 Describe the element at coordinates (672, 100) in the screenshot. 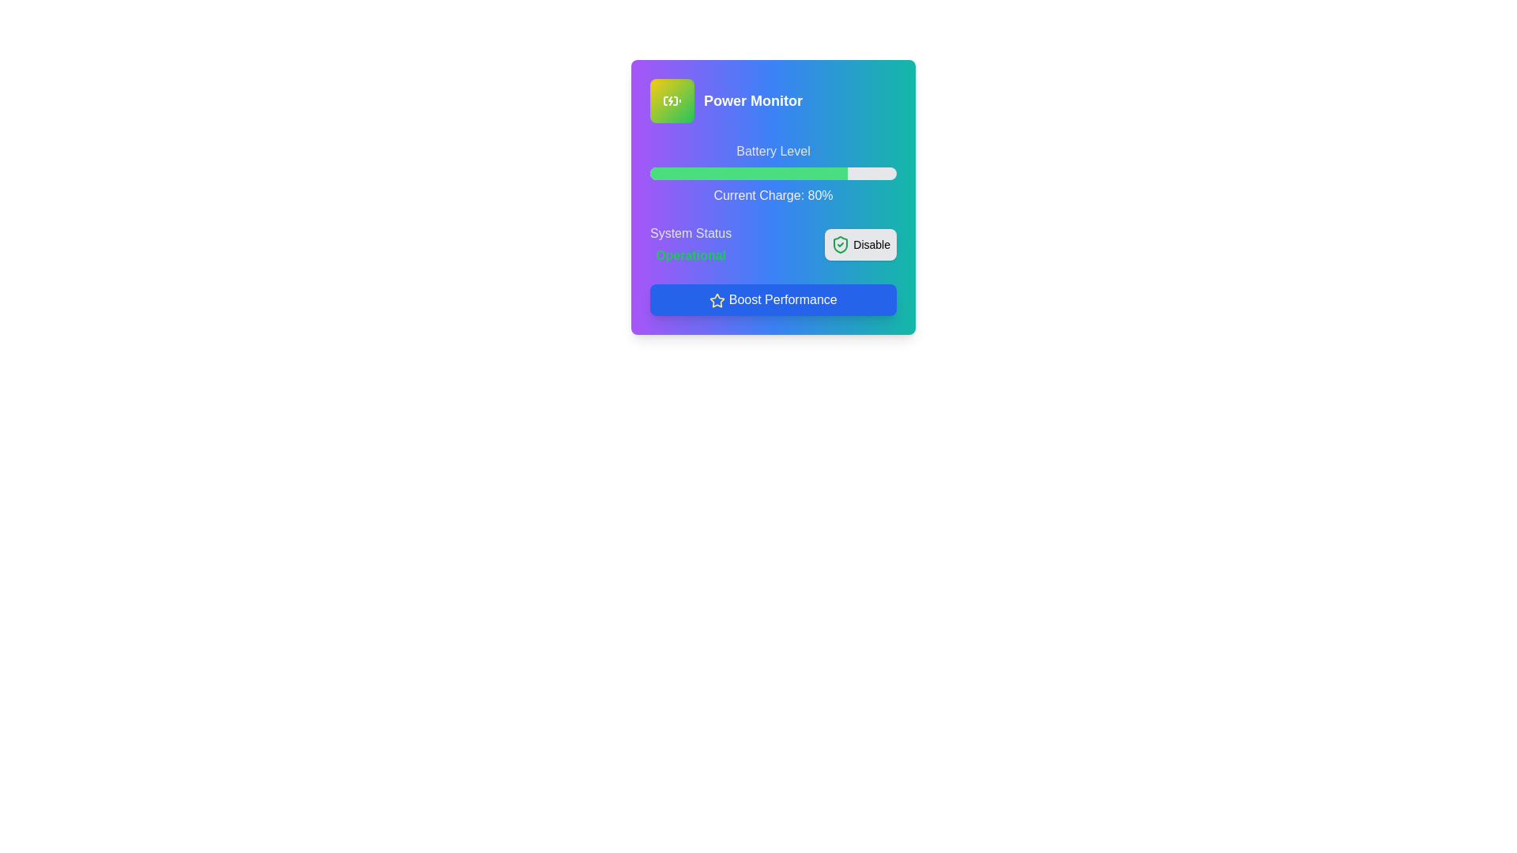

I see `the square-shaped icon with a yellow to green gradient background and a white battery charging symbol located` at that location.